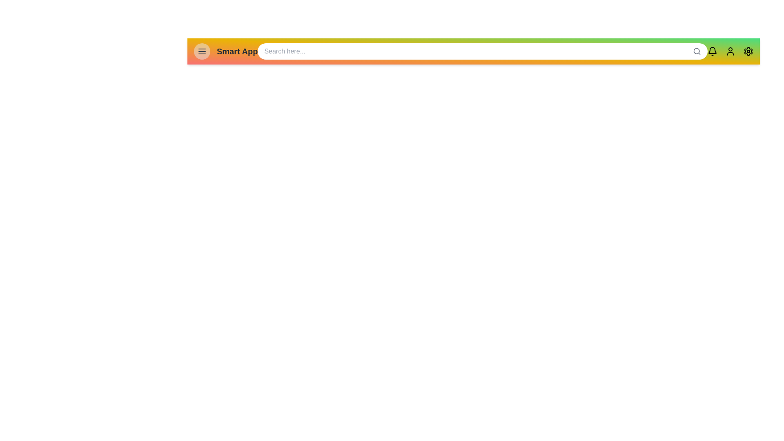  I want to click on the search icon to initiate a search, so click(697, 51).